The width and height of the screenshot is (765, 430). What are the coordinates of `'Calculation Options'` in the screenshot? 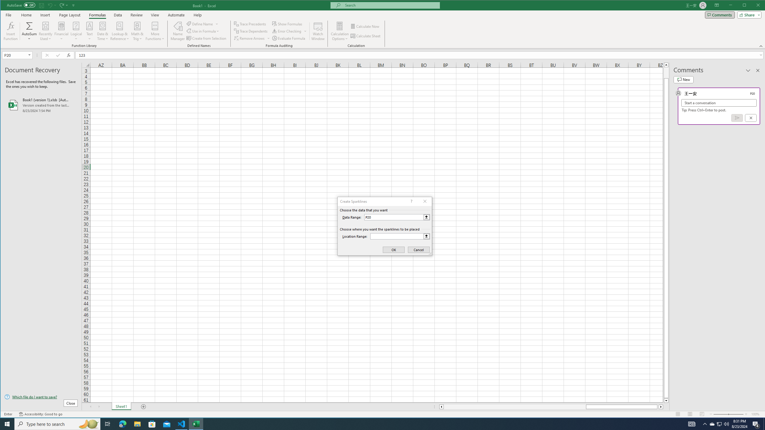 It's located at (340, 31).